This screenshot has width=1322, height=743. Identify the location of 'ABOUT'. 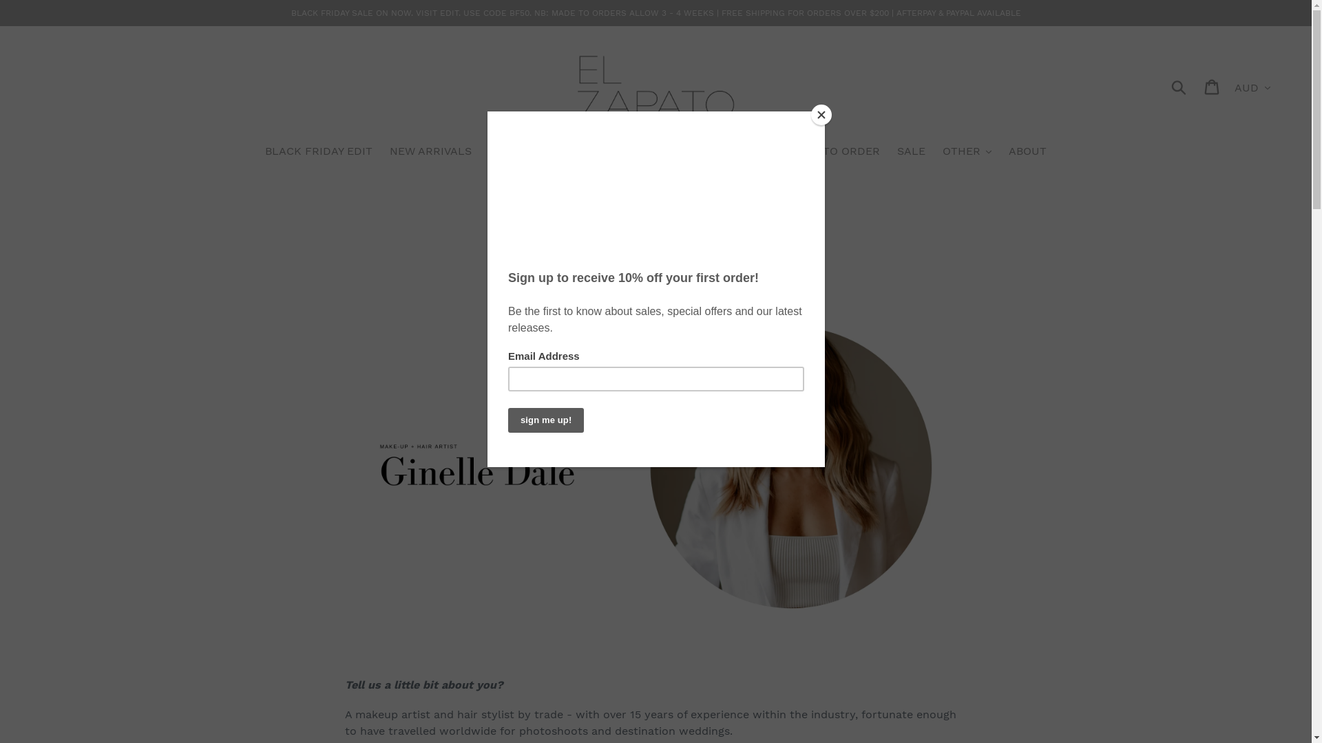
(1027, 152).